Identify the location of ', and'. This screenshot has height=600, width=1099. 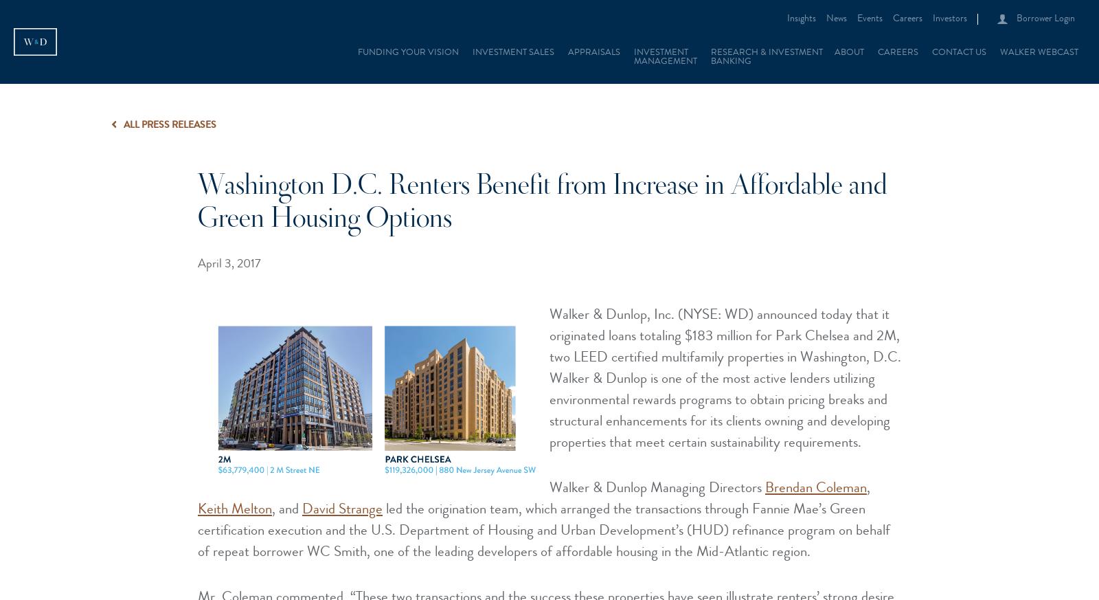
(286, 509).